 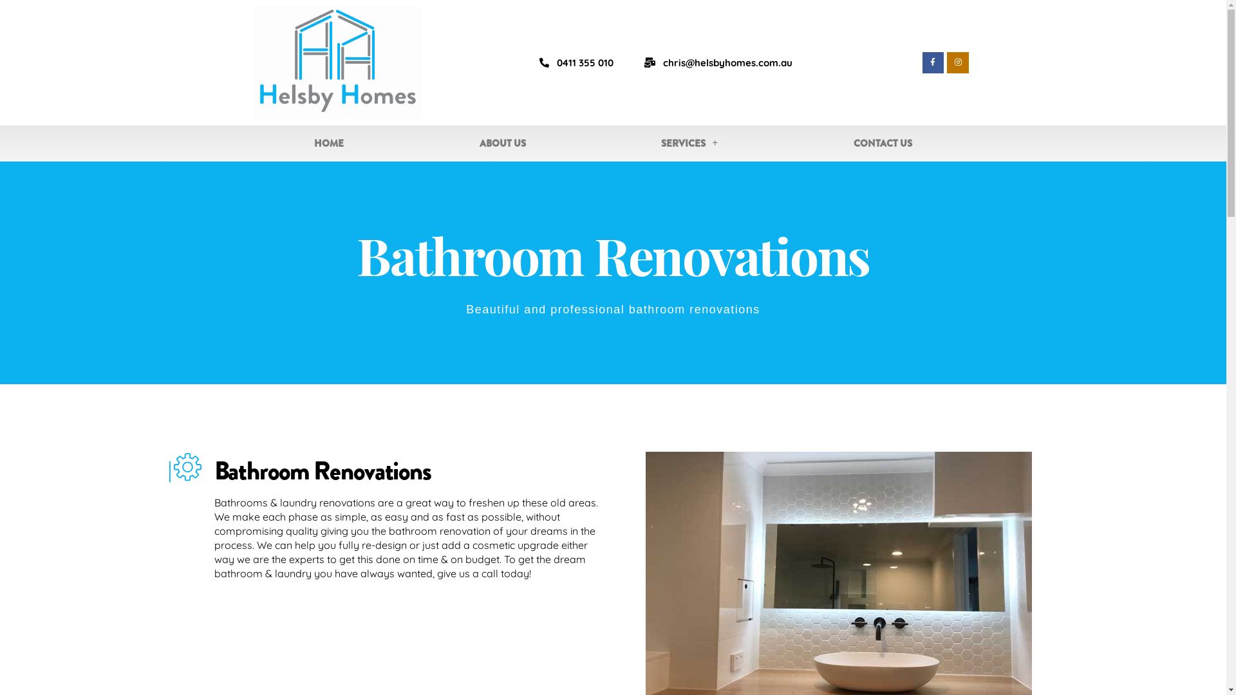 I want to click on 'HOME', so click(x=328, y=144).